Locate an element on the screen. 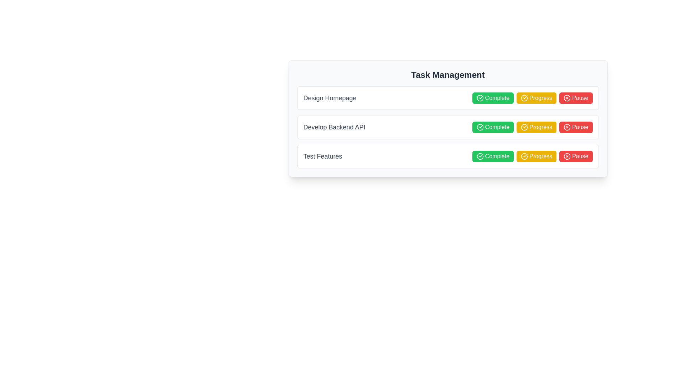 The height and width of the screenshot is (384, 684). the circular icon located at the top-right corner of the task management interface, which borders the 'Pause' button of the first task is located at coordinates (567, 98).